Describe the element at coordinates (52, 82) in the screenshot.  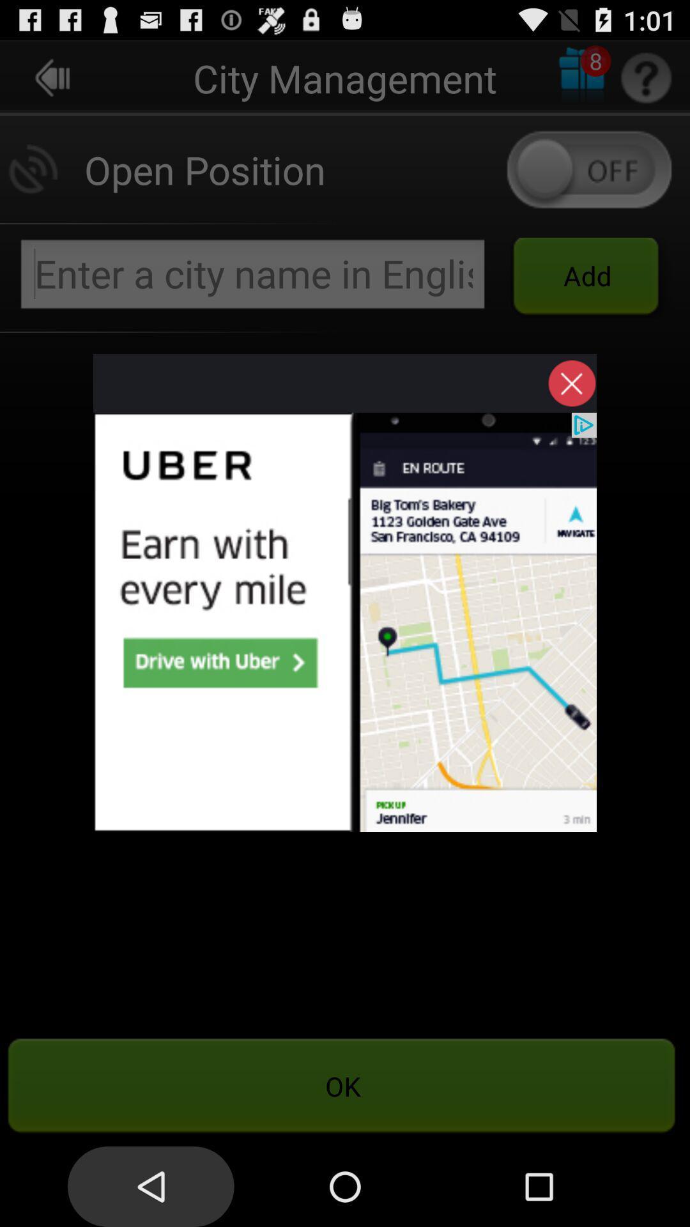
I see `the arrow_backward icon` at that location.